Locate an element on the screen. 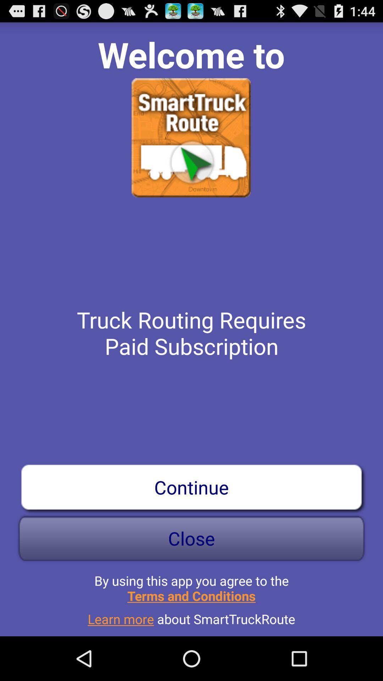  item above close icon is located at coordinates (191, 487).